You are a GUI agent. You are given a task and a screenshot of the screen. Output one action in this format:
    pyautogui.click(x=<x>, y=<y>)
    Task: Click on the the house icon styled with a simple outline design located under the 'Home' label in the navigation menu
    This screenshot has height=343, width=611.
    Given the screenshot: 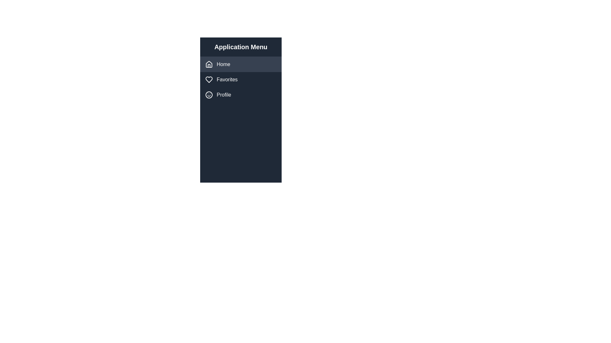 What is the action you would take?
    pyautogui.click(x=209, y=64)
    